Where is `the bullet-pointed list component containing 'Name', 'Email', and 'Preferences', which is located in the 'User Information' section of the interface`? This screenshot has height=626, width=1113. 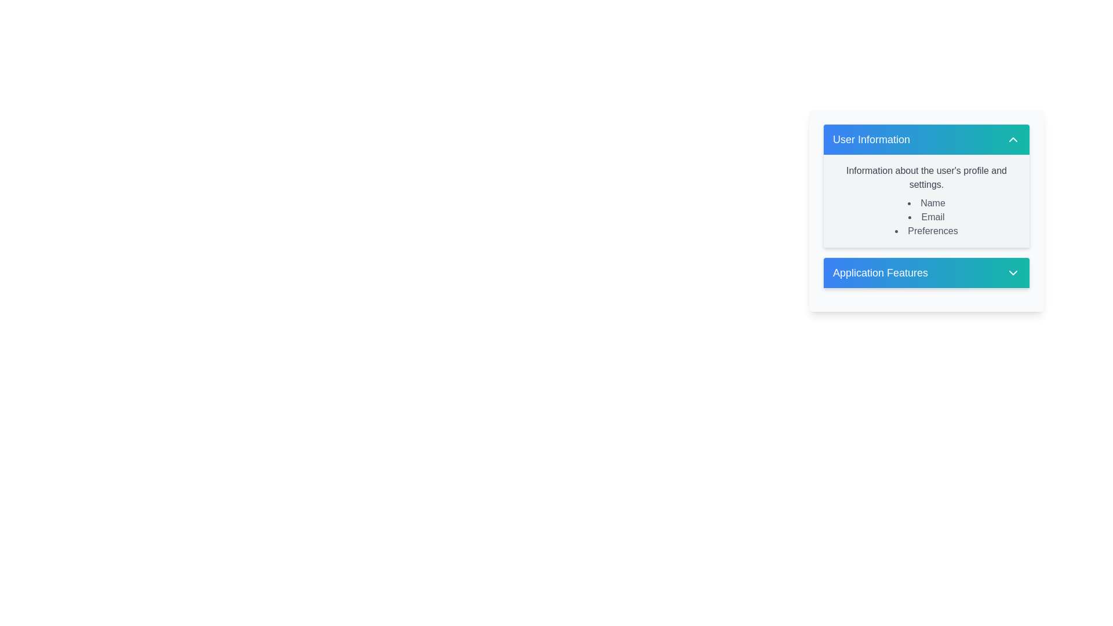
the bullet-pointed list component containing 'Name', 'Email', and 'Preferences', which is located in the 'User Information' section of the interface is located at coordinates (926, 217).